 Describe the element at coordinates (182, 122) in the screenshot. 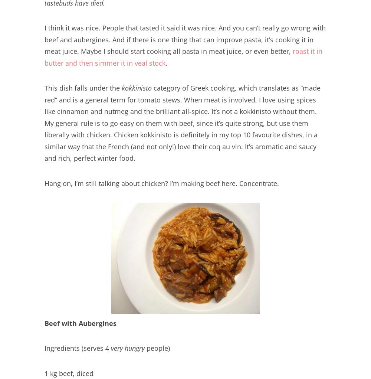

I see `'category of Greek cooking, which translates as “made red” and is a general term for tomato stews. When meat is involved, I love using spices like cinnamon and nutmeg and the brilliant all-spice. It’s not a kokkinisto without them. My general rule is to go easy on them with beef, since it’s quite strong, but use them liberally with chicken. Chicken kokkinisto is definitely in my top 10 favourite dishes, in a similar way that the French (and not only!) love their coq au vin. It’s aromatic and saucy and rich, perfect winter food.'` at that location.